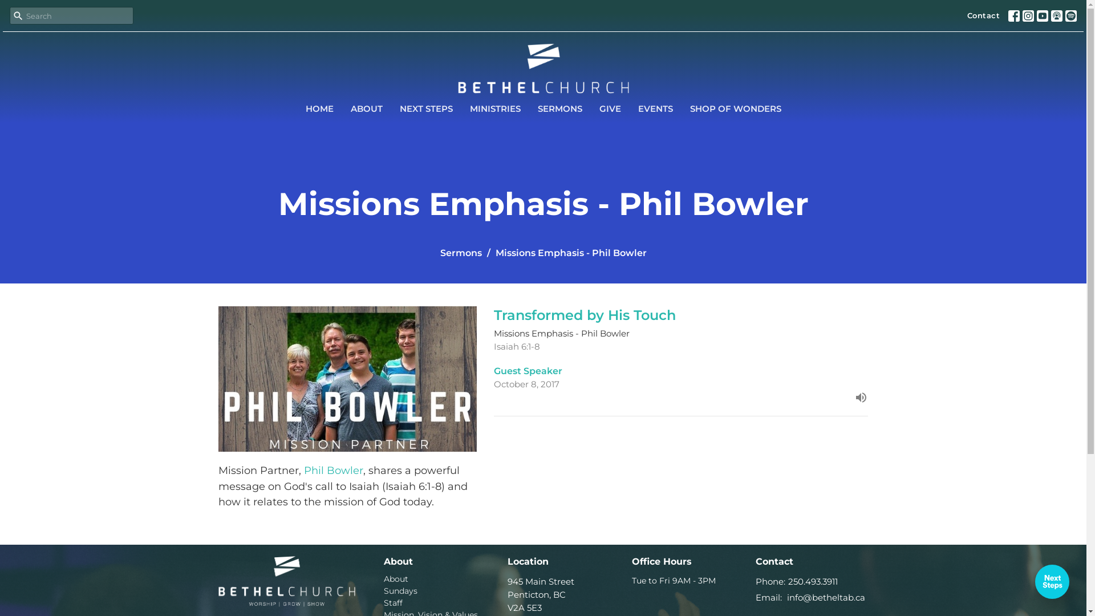 Image resolution: width=1095 pixels, height=616 pixels. What do you see at coordinates (395, 578) in the screenshot?
I see `'About'` at bounding box center [395, 578].